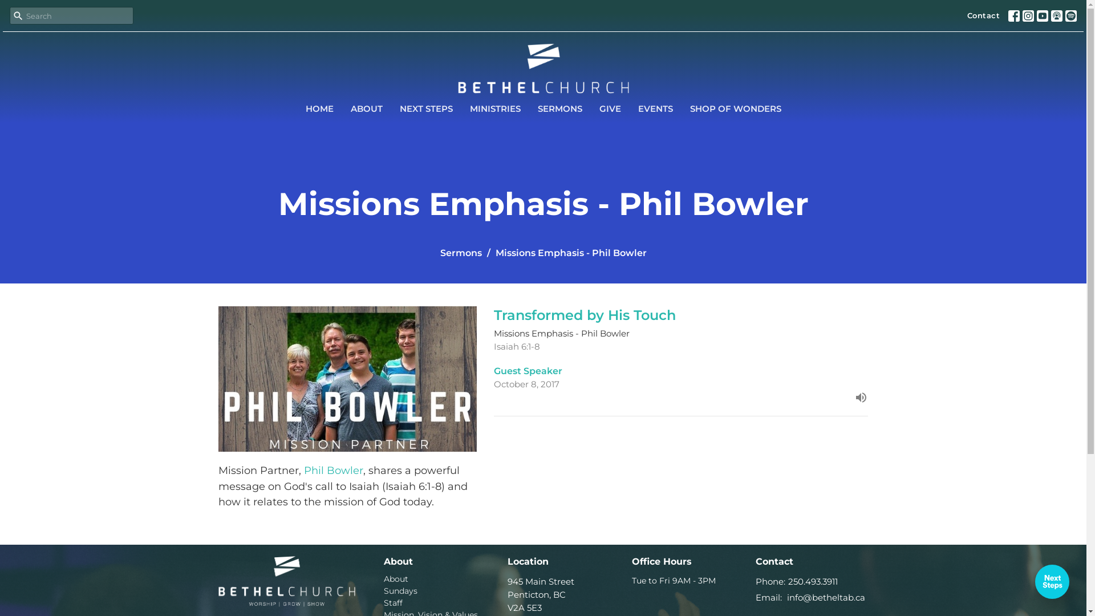 Image resolution: width=1095 pixels, height=616 pixels. What do you see at coordinates (395, 578) in the screenshot?
I see `'About'` at bounding box center [395, 578].